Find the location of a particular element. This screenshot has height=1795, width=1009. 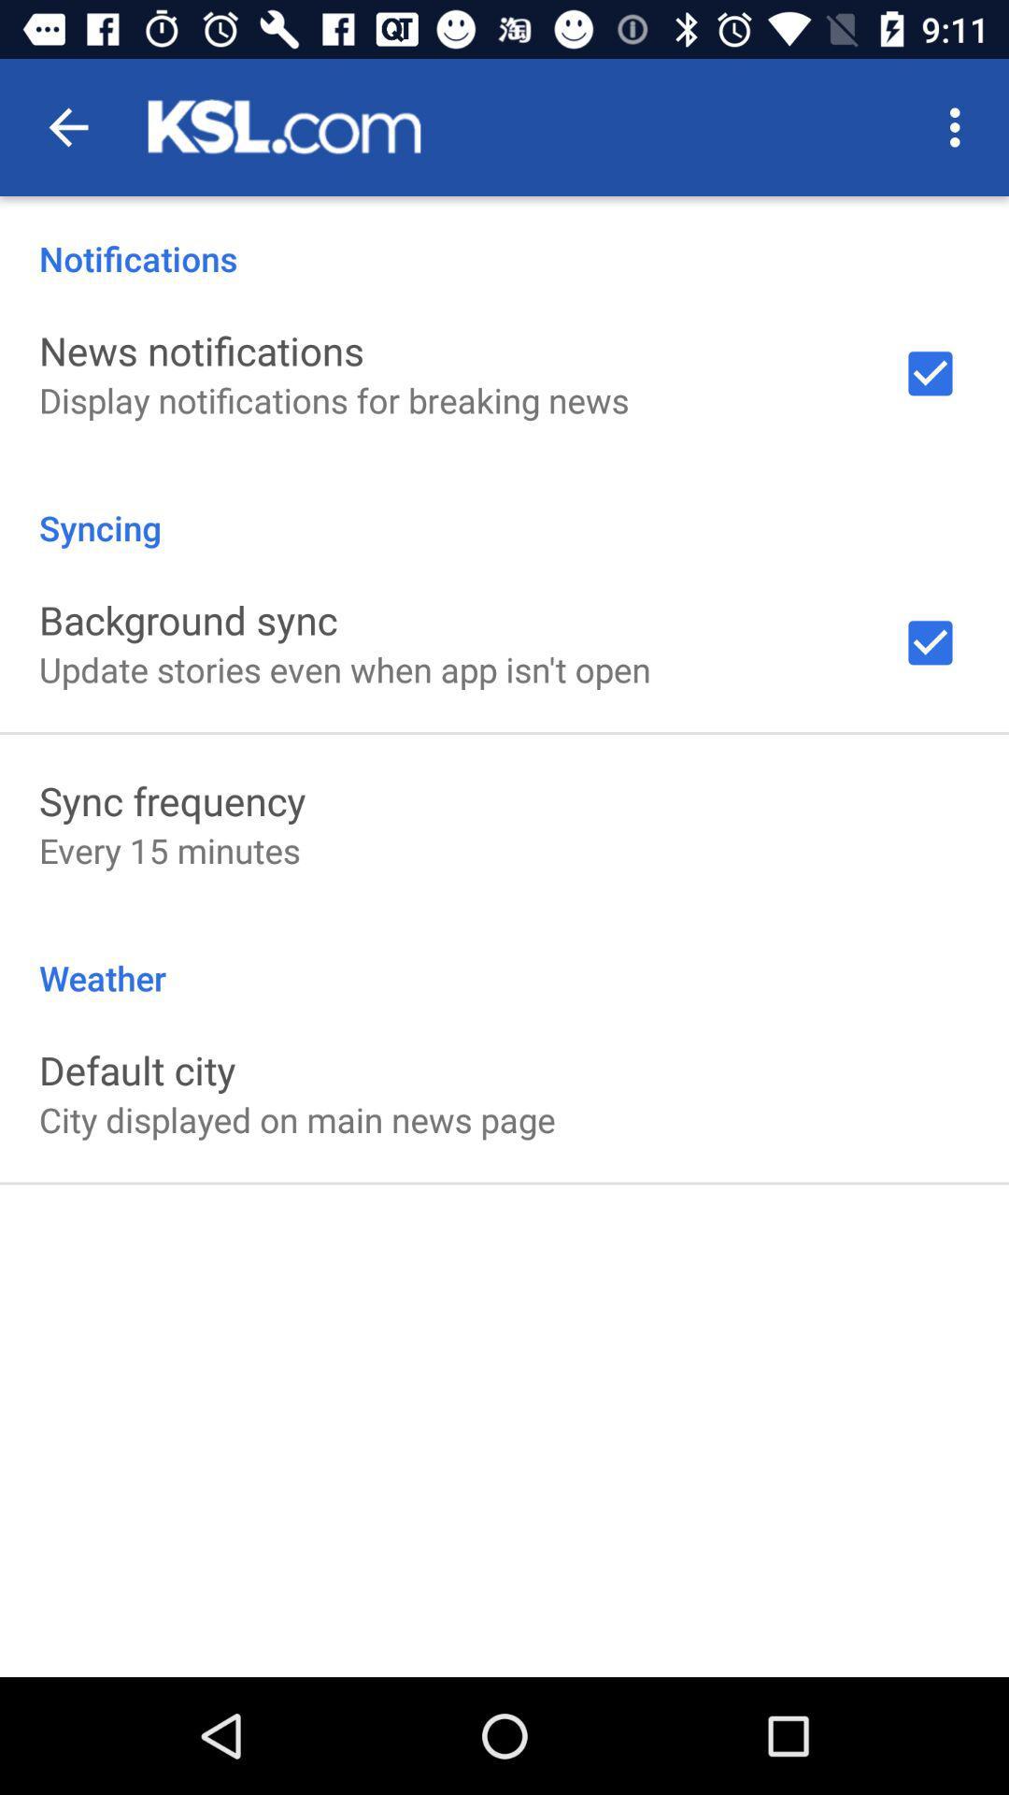

display notifications for is located at coordinates (333, 399).